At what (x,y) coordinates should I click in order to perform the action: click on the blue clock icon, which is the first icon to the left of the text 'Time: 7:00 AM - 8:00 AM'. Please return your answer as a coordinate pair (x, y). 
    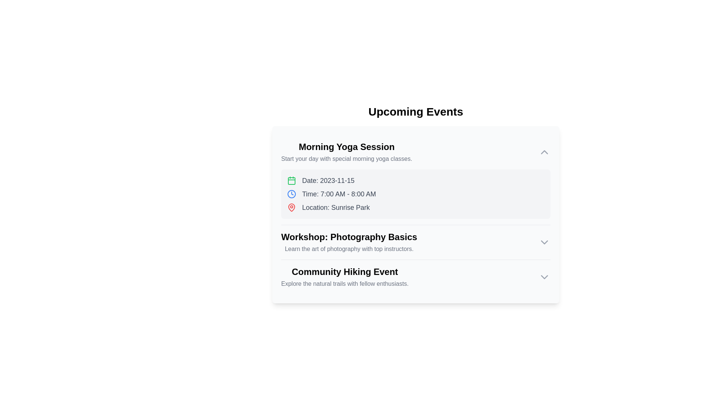
    Looking at the image, I should click on (291, 194).